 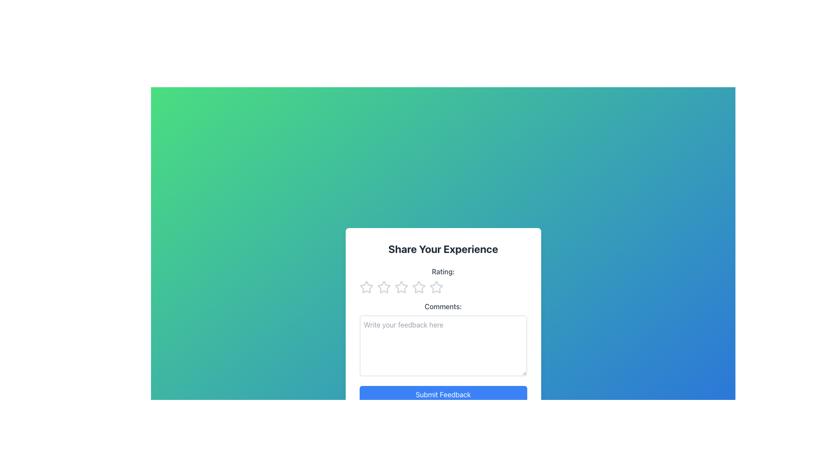 What do you see at coordinates (443, 395) in the screenshot?
I see `the feedback submission button located at the bottom of the feedback form to trigger focus styling` at bounding box center [443, 395].